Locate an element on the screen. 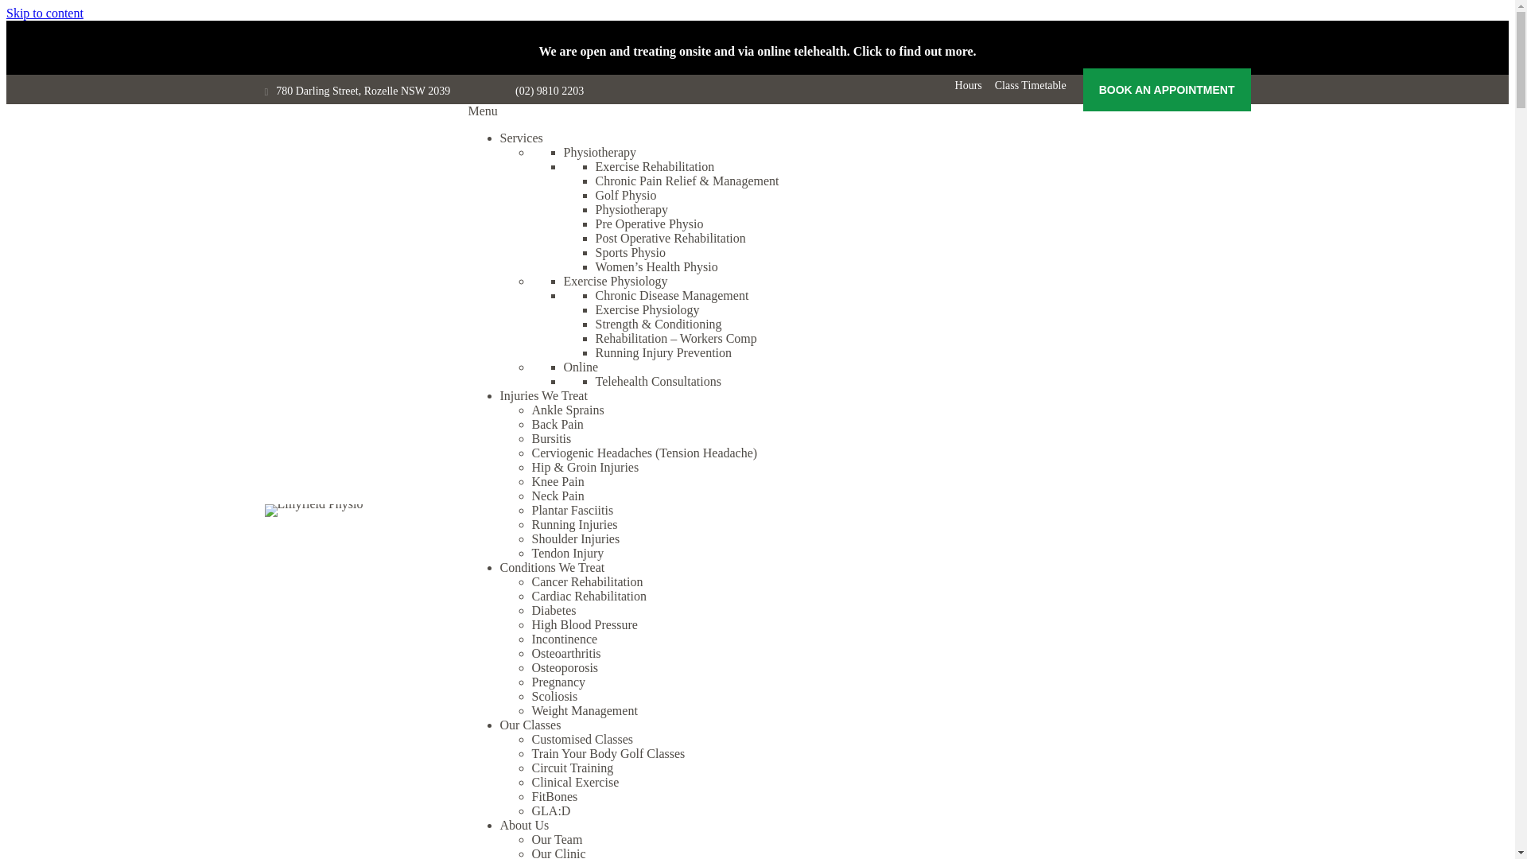 The height and width of the screenshot is (859, 1527). 'Pre Operative Physio' is located at coordinates (594, 223).